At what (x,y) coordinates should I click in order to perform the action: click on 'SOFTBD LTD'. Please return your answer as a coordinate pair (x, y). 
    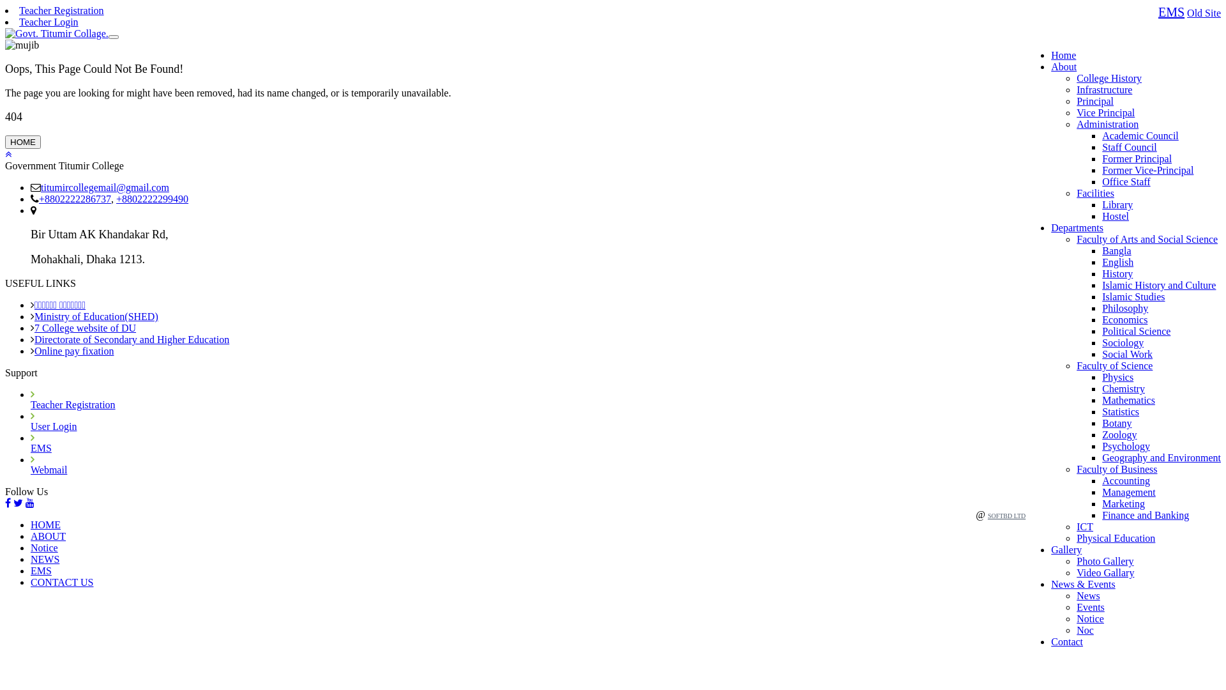
    Looking at the image, I should click on (987, 515).